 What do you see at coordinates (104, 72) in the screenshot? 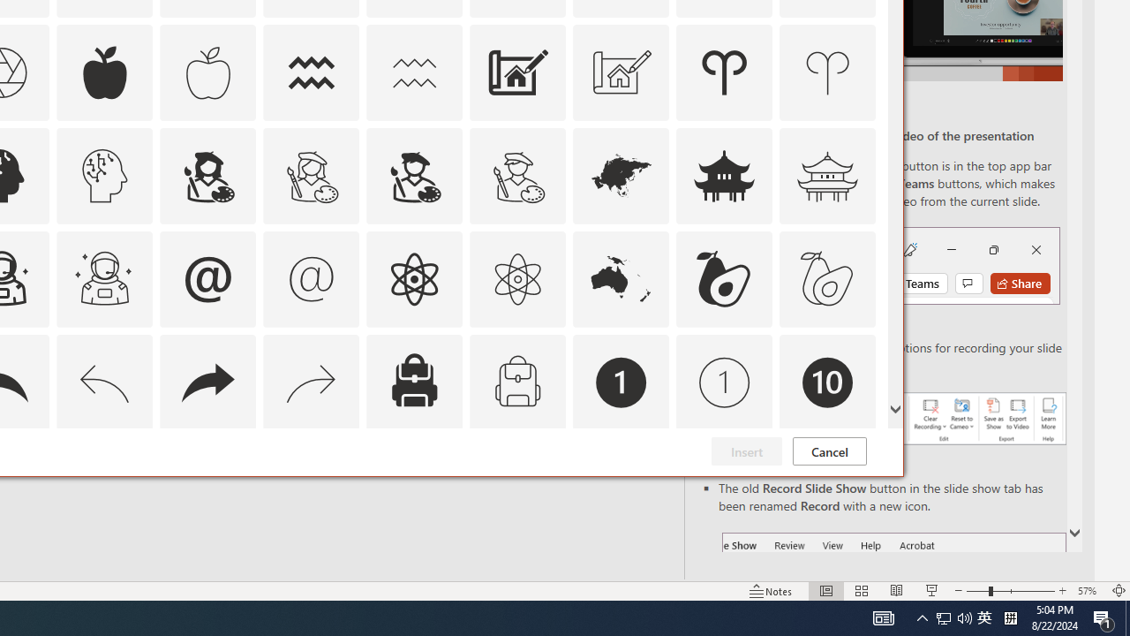
I see `'AutomationID: Icons_Apple'` at bounding box center [104, 72].